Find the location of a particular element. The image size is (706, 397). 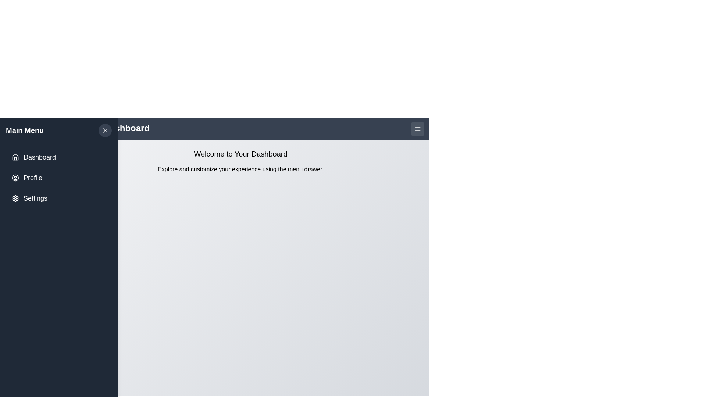

the button located at the top-right corner of the header bar is located at coordinates (418, 129).